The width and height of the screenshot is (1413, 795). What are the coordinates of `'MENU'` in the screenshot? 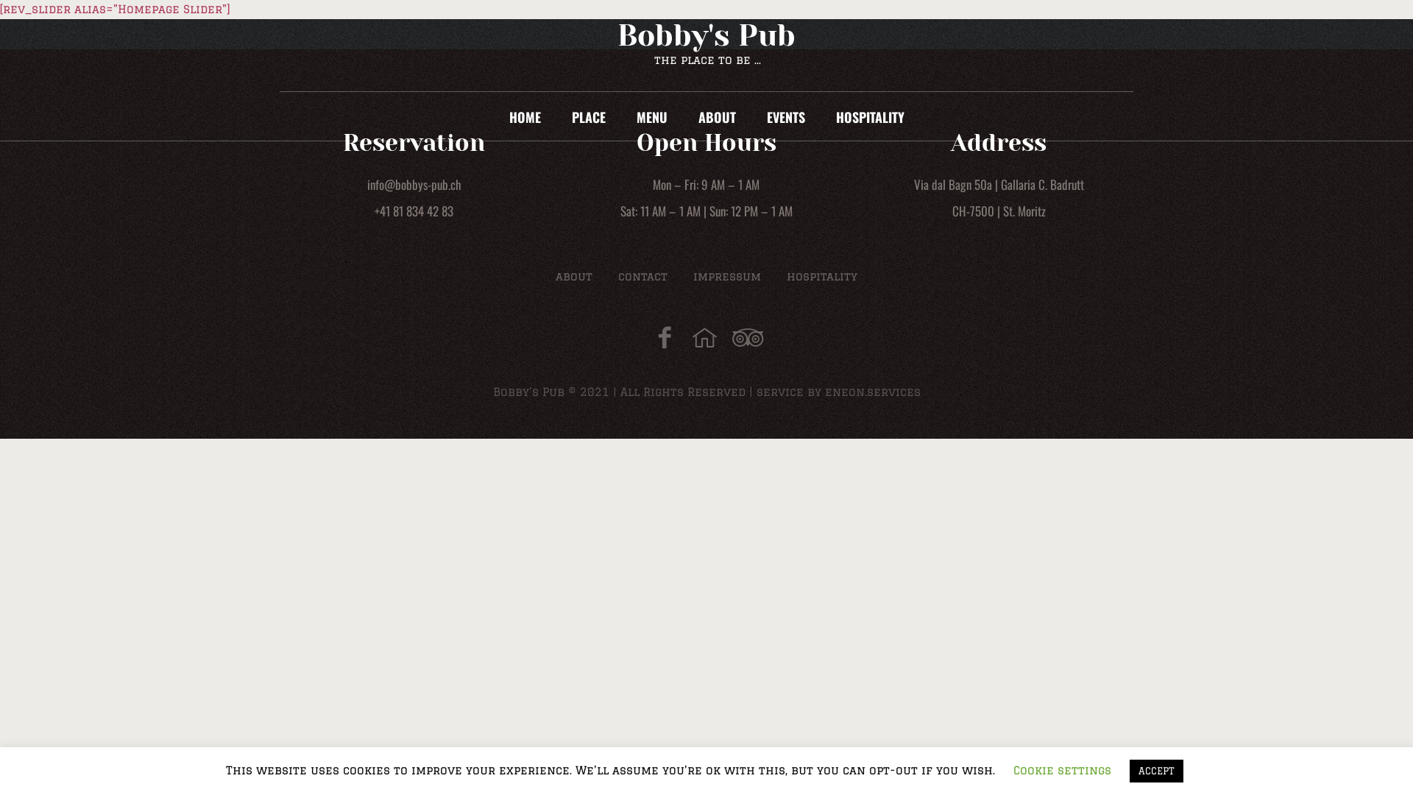 It's located at (621, 116).